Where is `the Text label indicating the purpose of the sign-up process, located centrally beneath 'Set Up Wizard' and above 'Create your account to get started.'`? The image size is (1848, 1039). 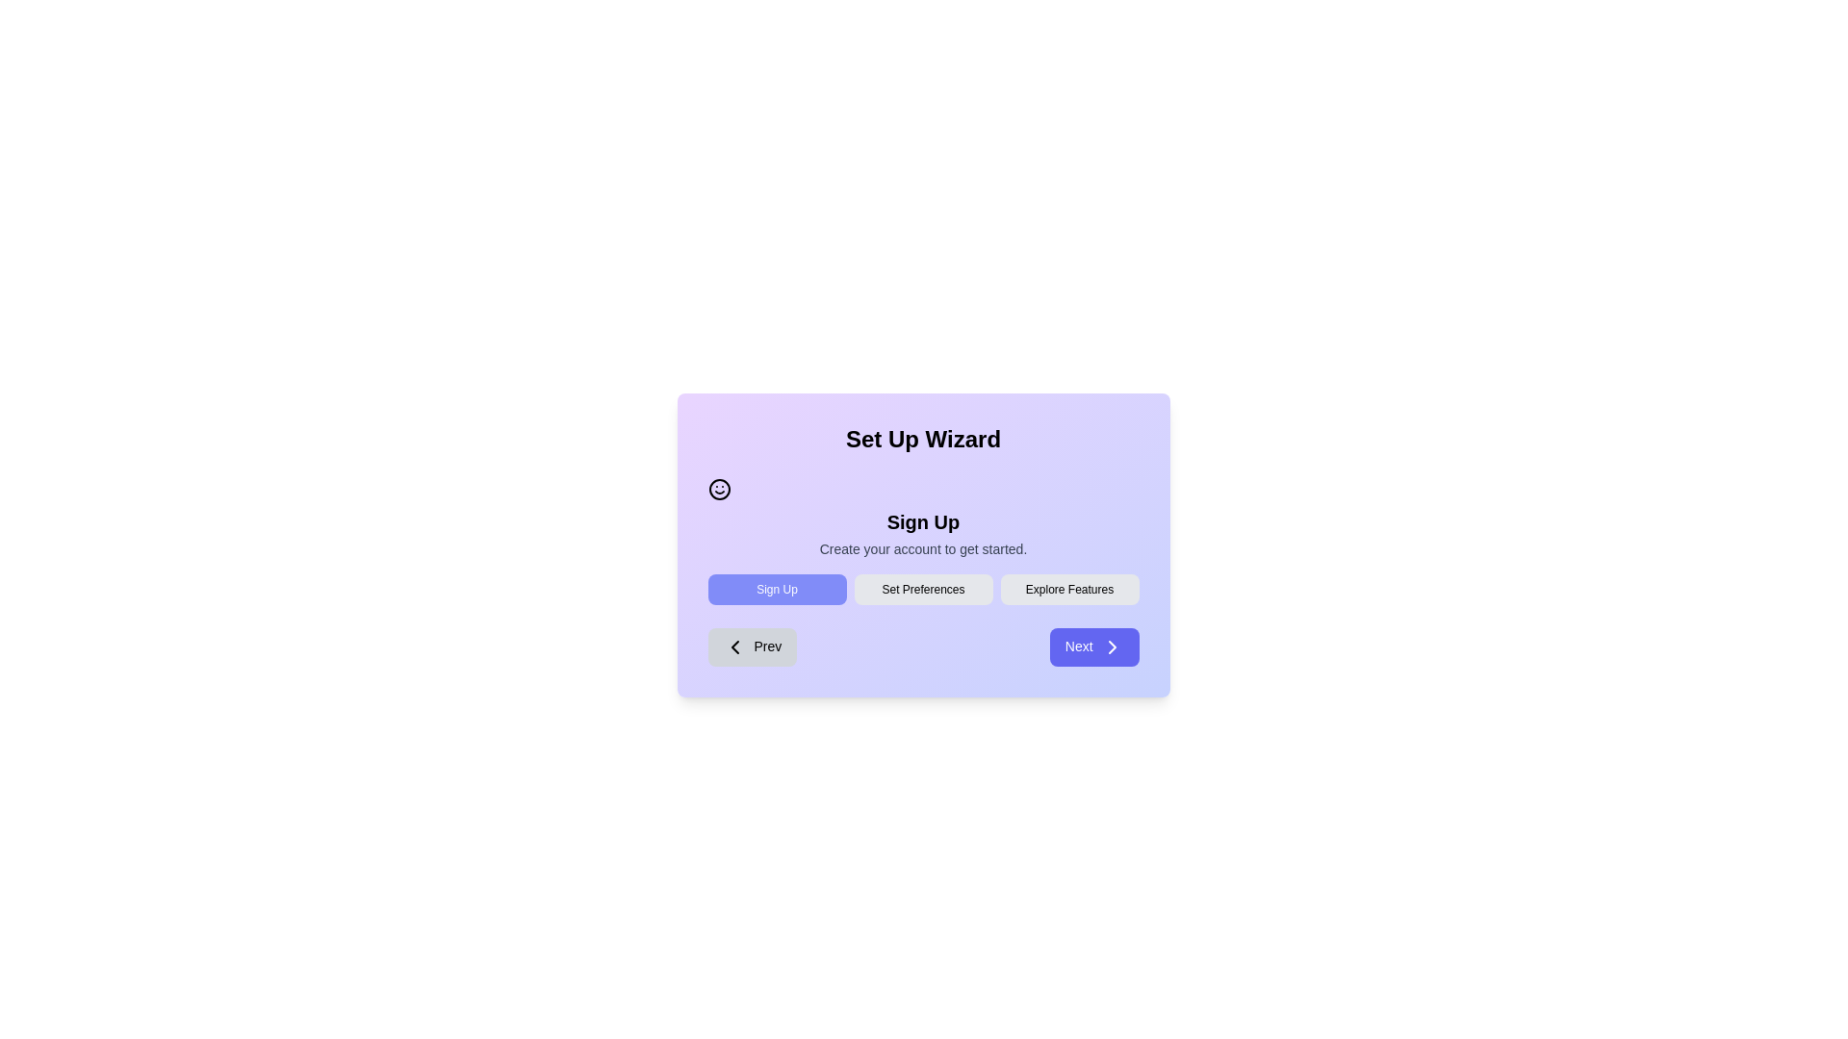
the Text label indicating the purpose of the sign-up process, located centrally beneath 'Set Up Wizard' and above 'Create your account to get started.' is located at coordinates (922, 522).